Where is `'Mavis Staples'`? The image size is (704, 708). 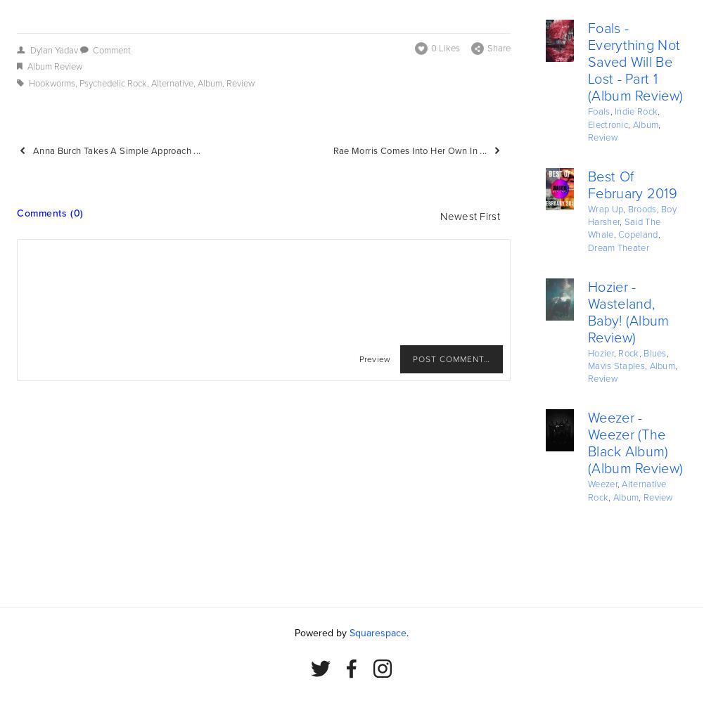 'Mavis Staples' is located at coordinates (615, 364).